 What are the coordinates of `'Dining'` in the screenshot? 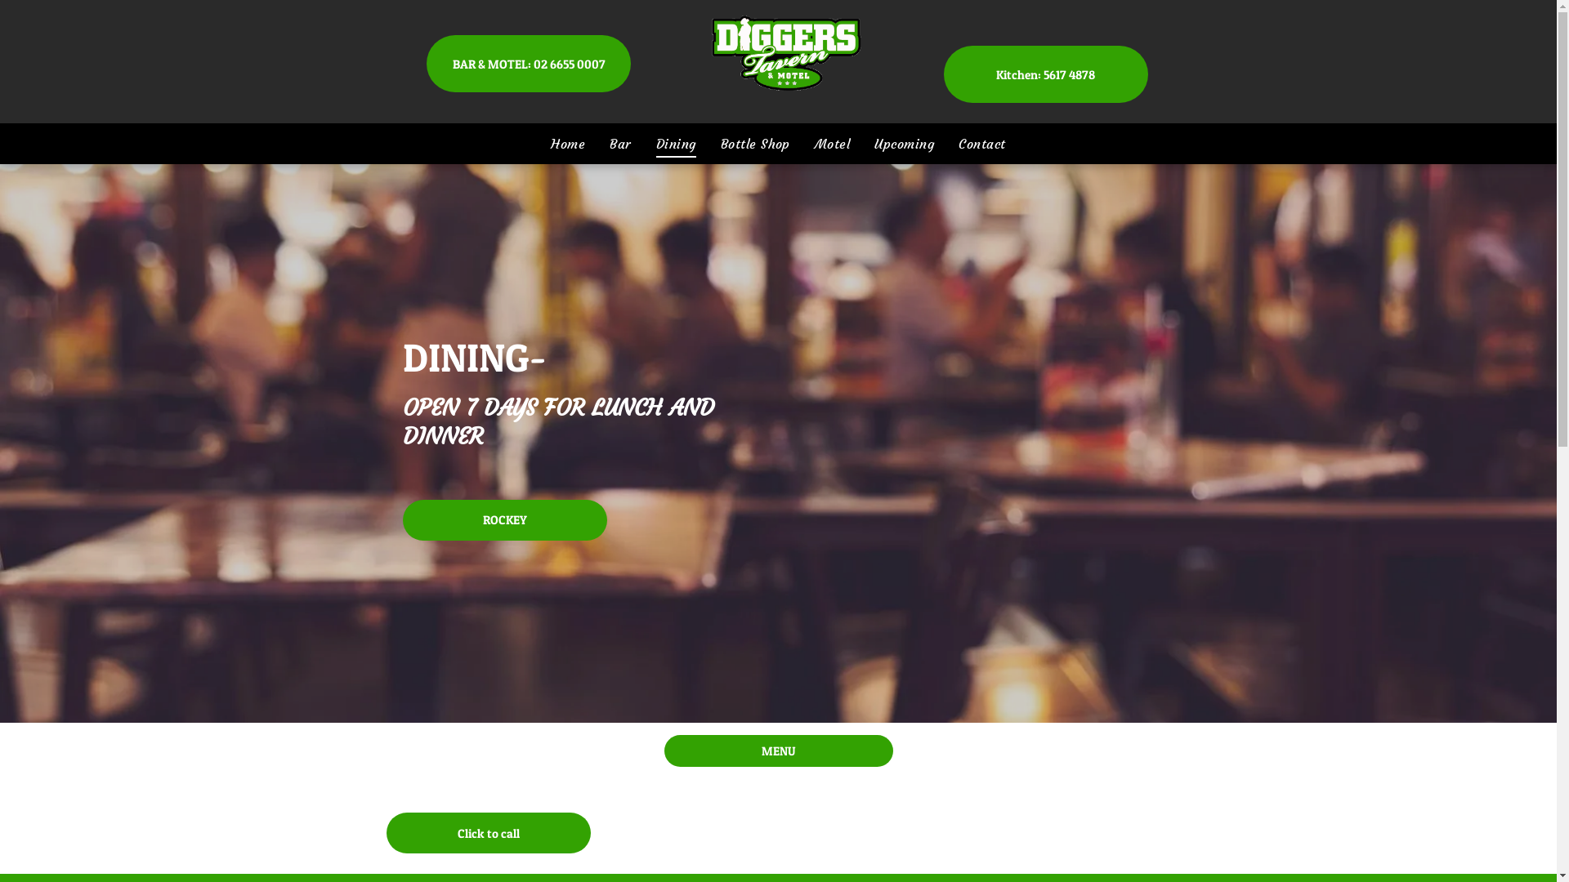 It's located at (676, 143).